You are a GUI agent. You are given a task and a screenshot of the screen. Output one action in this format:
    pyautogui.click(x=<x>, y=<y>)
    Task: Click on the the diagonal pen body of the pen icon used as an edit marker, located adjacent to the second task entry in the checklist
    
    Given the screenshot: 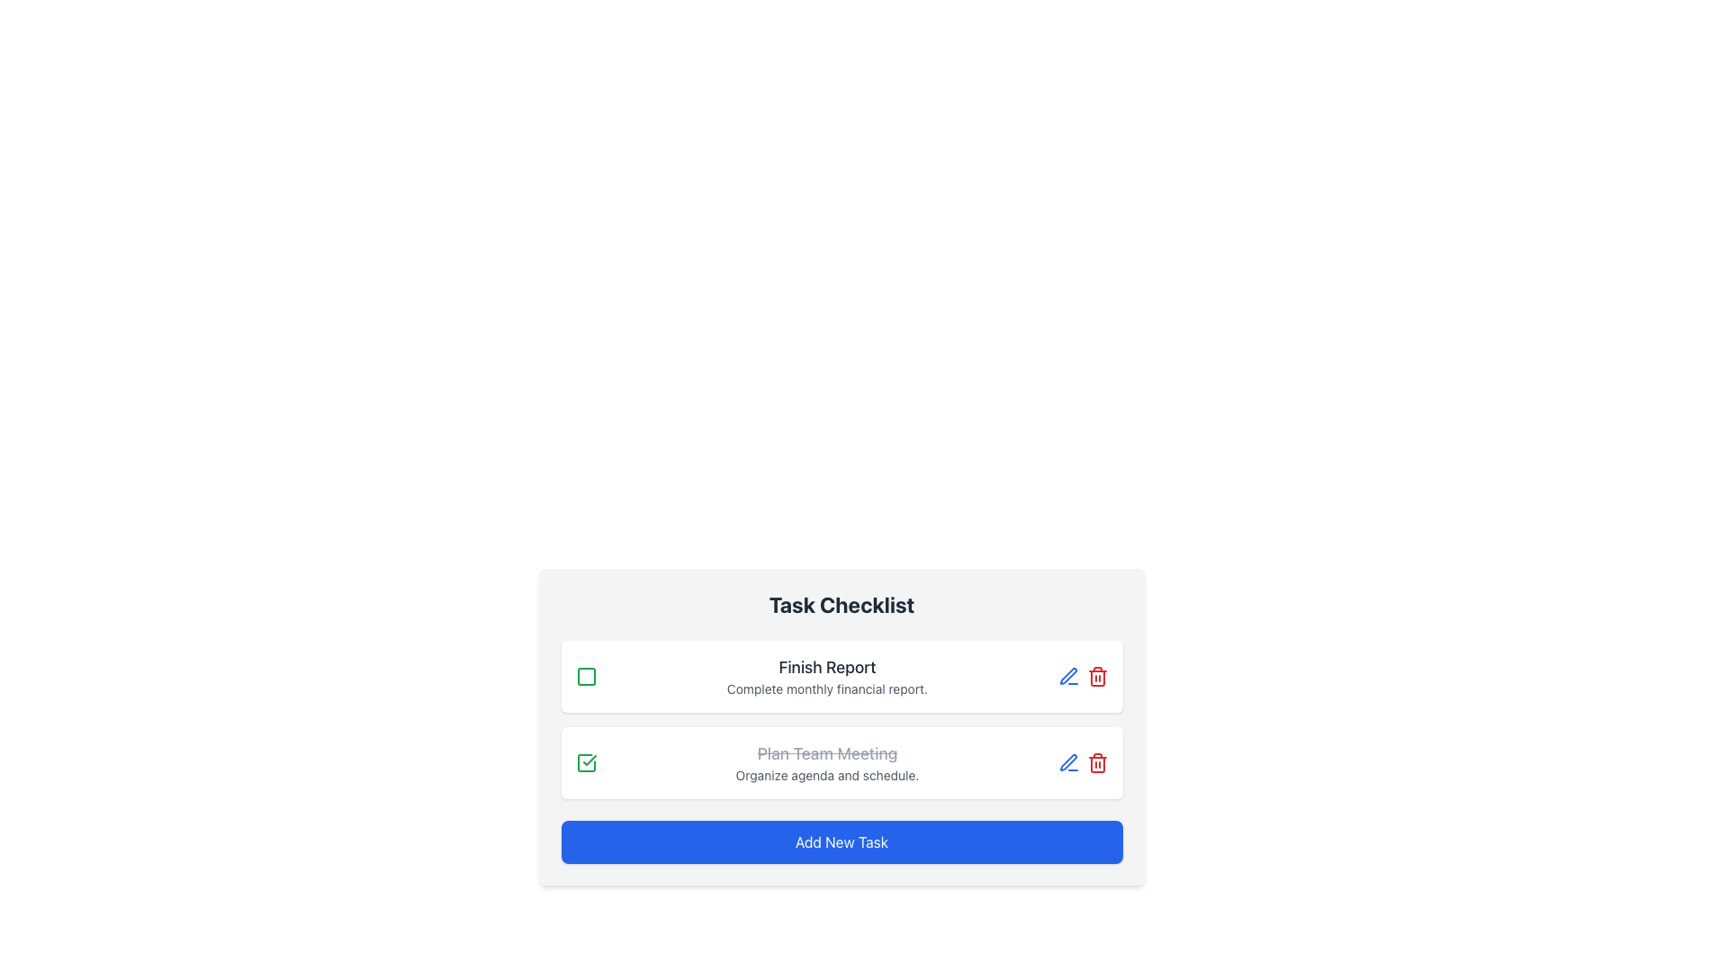 What is the action you would take?
    pyautogui.click(x=1067, y=676)
    